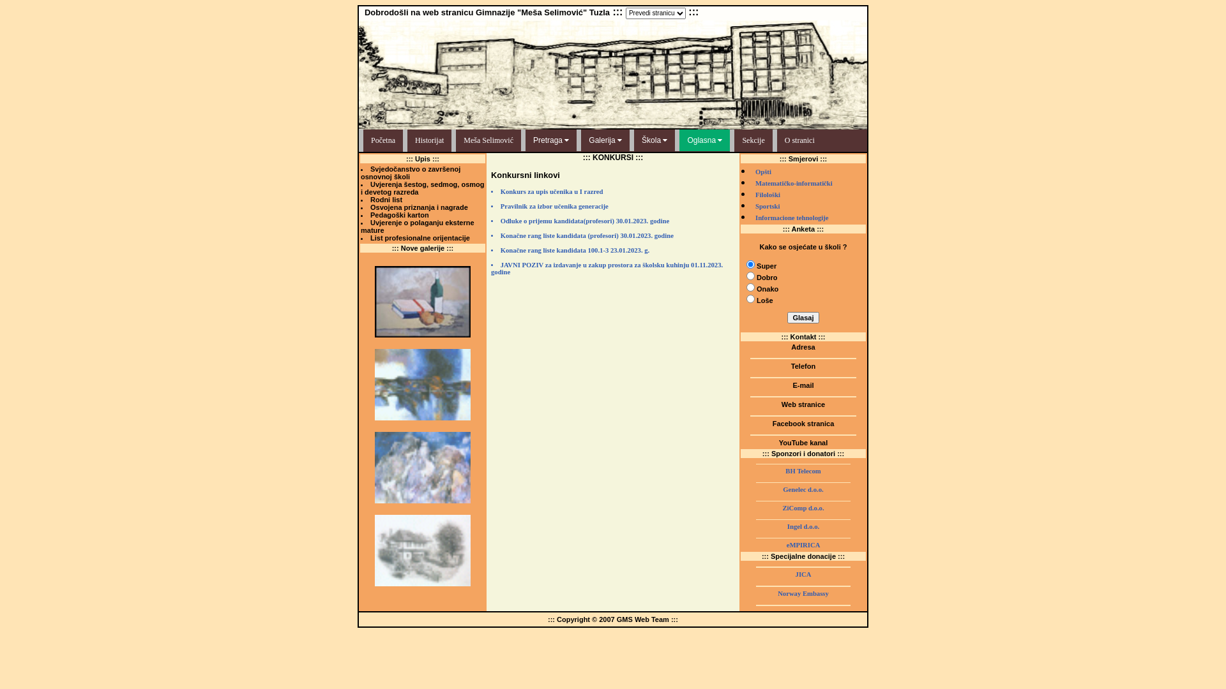 Image resolution: width=1226 pixels, height=689 pixels. What do you see at coordinates (551, 140) in the screenshot?
I see `'Pretraga'` at bounding box center [551, 140].